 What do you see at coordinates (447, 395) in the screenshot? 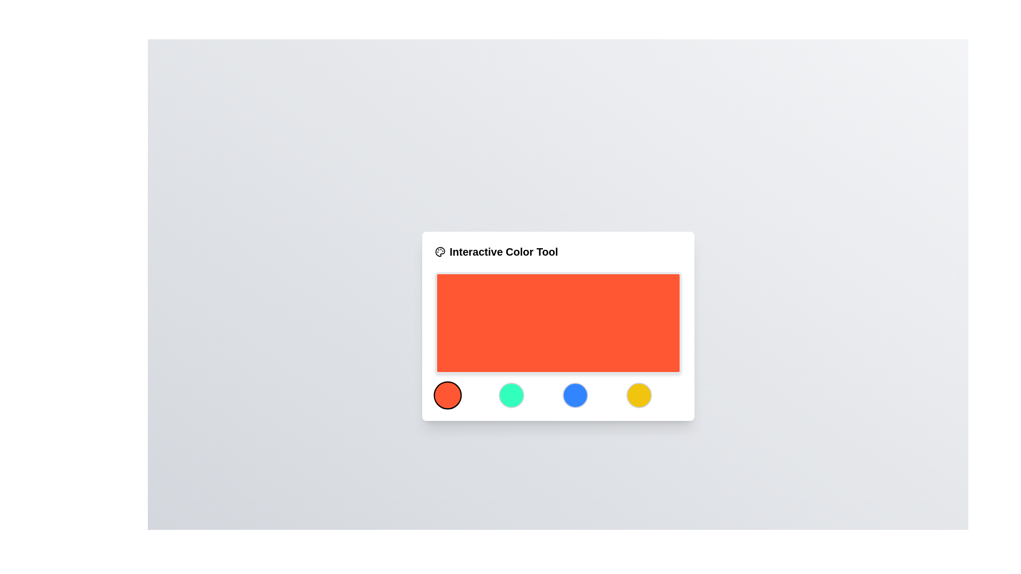
I see `the first circular color selection button located at the bottom-left corner of the card interface in the color tool, beneath the large orange rectangle and the title 'Interactive Color Tool'` at bounding box center [447, 395].